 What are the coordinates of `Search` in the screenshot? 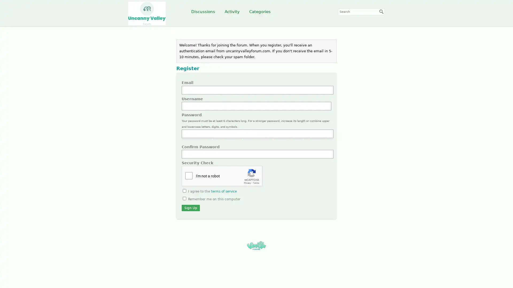 It's located at (381, 11).